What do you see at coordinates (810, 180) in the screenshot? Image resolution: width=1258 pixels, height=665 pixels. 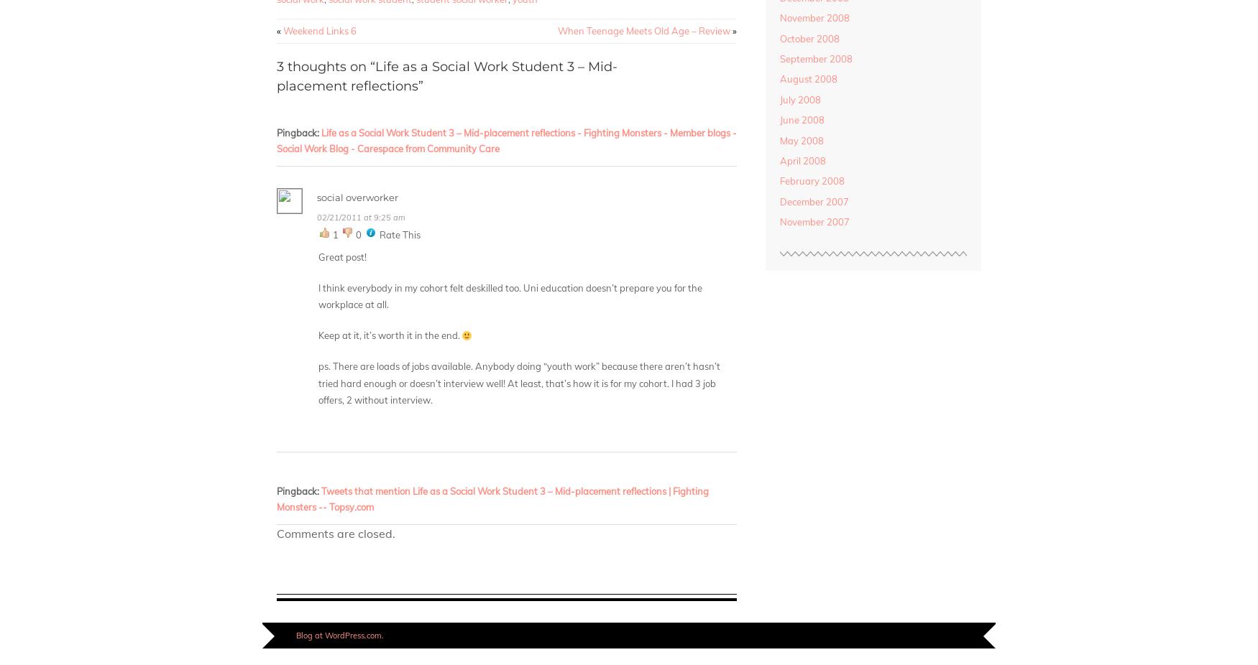 I see `'February 2008'` at bounding box center [810, 180].